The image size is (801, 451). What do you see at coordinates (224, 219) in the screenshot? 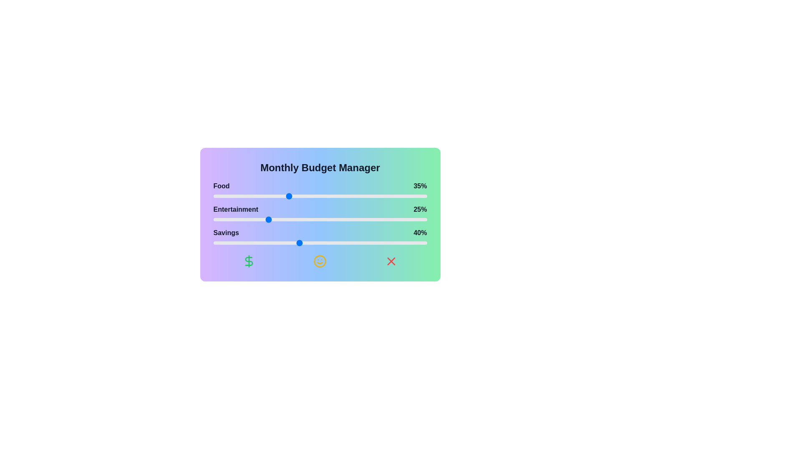
I see `the 'Entertainment' slider to 5%` at bounding box center [224, 219].